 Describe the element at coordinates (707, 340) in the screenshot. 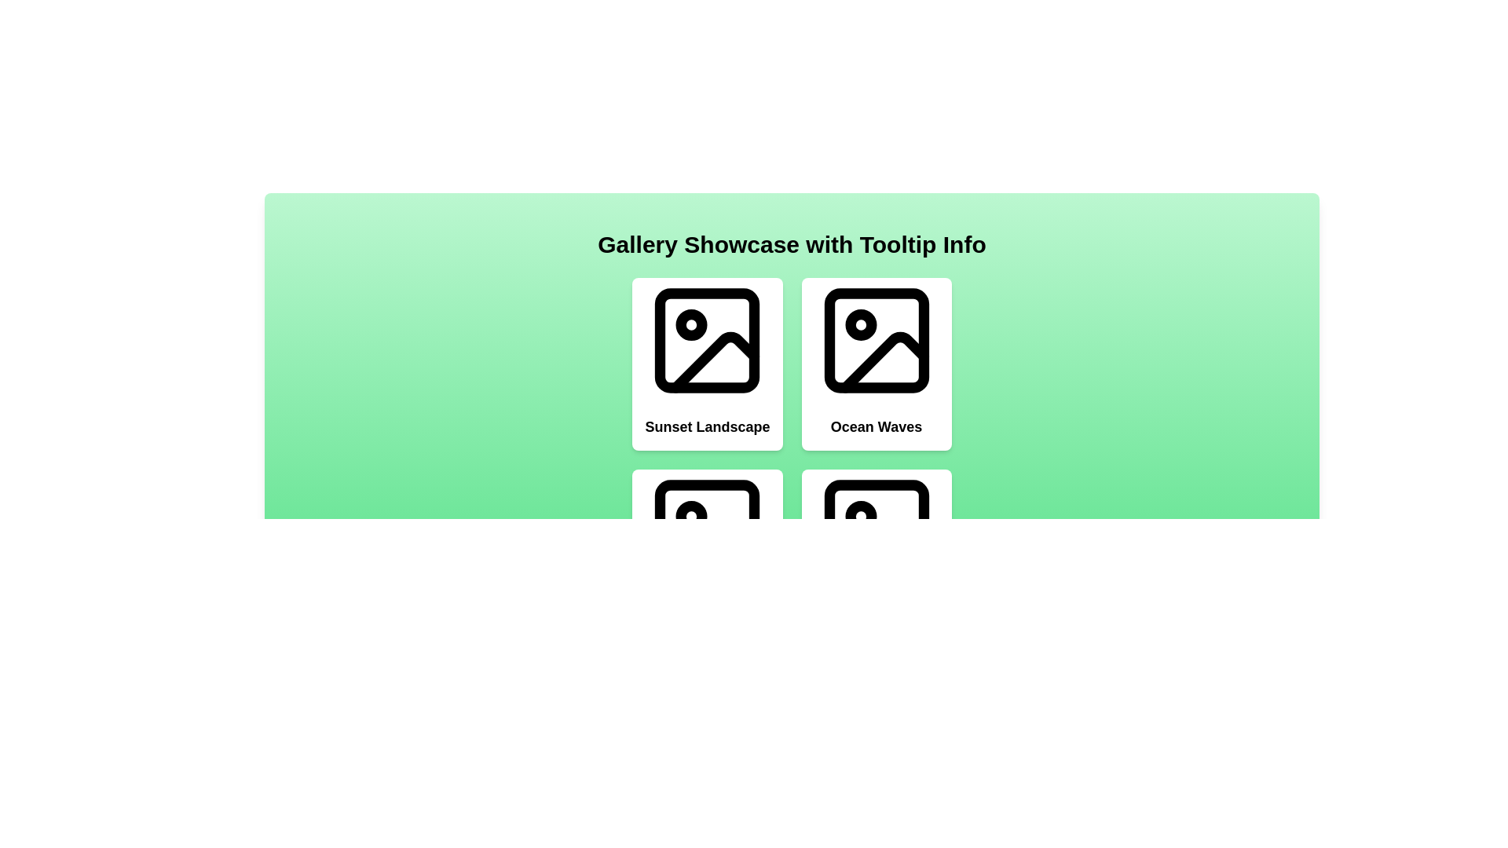

I see `the SVG icon that represents an image placeholder, which is located above the label 'Sunset Landscape'` at that location.